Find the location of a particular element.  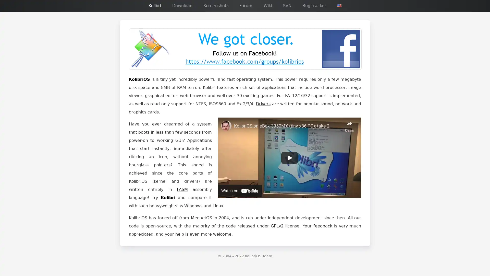

en is located at coordinates (339, 6).